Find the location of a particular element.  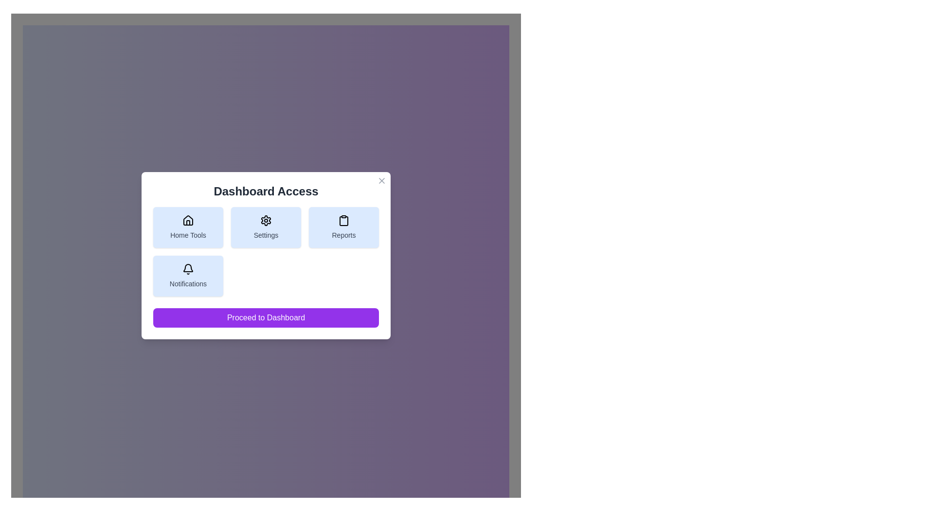

the 'Proceed to Dashboard' button with a purple background located at the bottom of the 'Dashboard Access' modal is located at coordinates (266, 318).